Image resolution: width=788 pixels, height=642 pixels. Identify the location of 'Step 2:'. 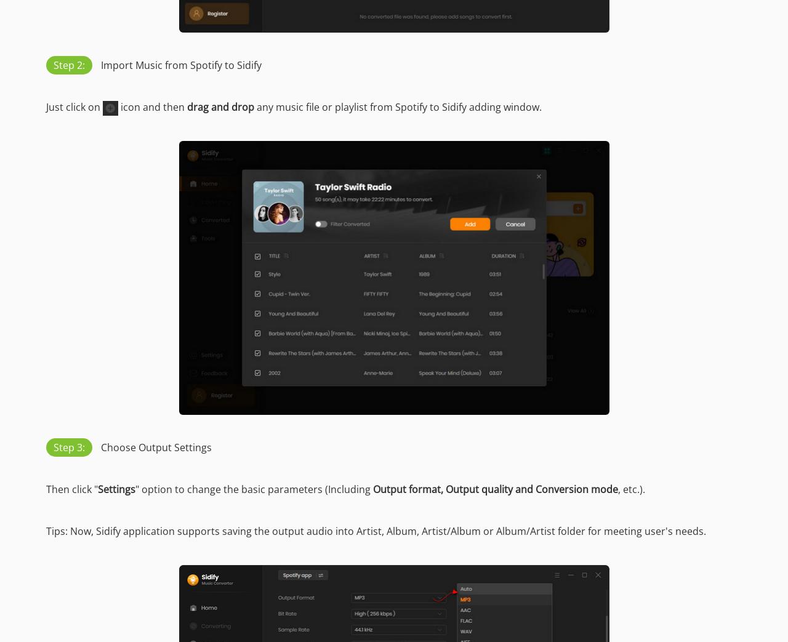
(68, 65).